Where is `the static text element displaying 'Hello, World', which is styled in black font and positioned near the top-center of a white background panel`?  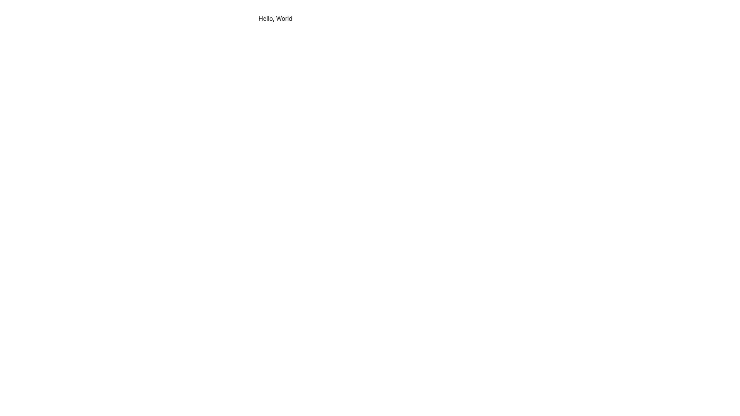
the static text element displaying 'Hello, World', which is styled in black font and positioned near the top-center of a white background panel is located at coordinates (276, 18).